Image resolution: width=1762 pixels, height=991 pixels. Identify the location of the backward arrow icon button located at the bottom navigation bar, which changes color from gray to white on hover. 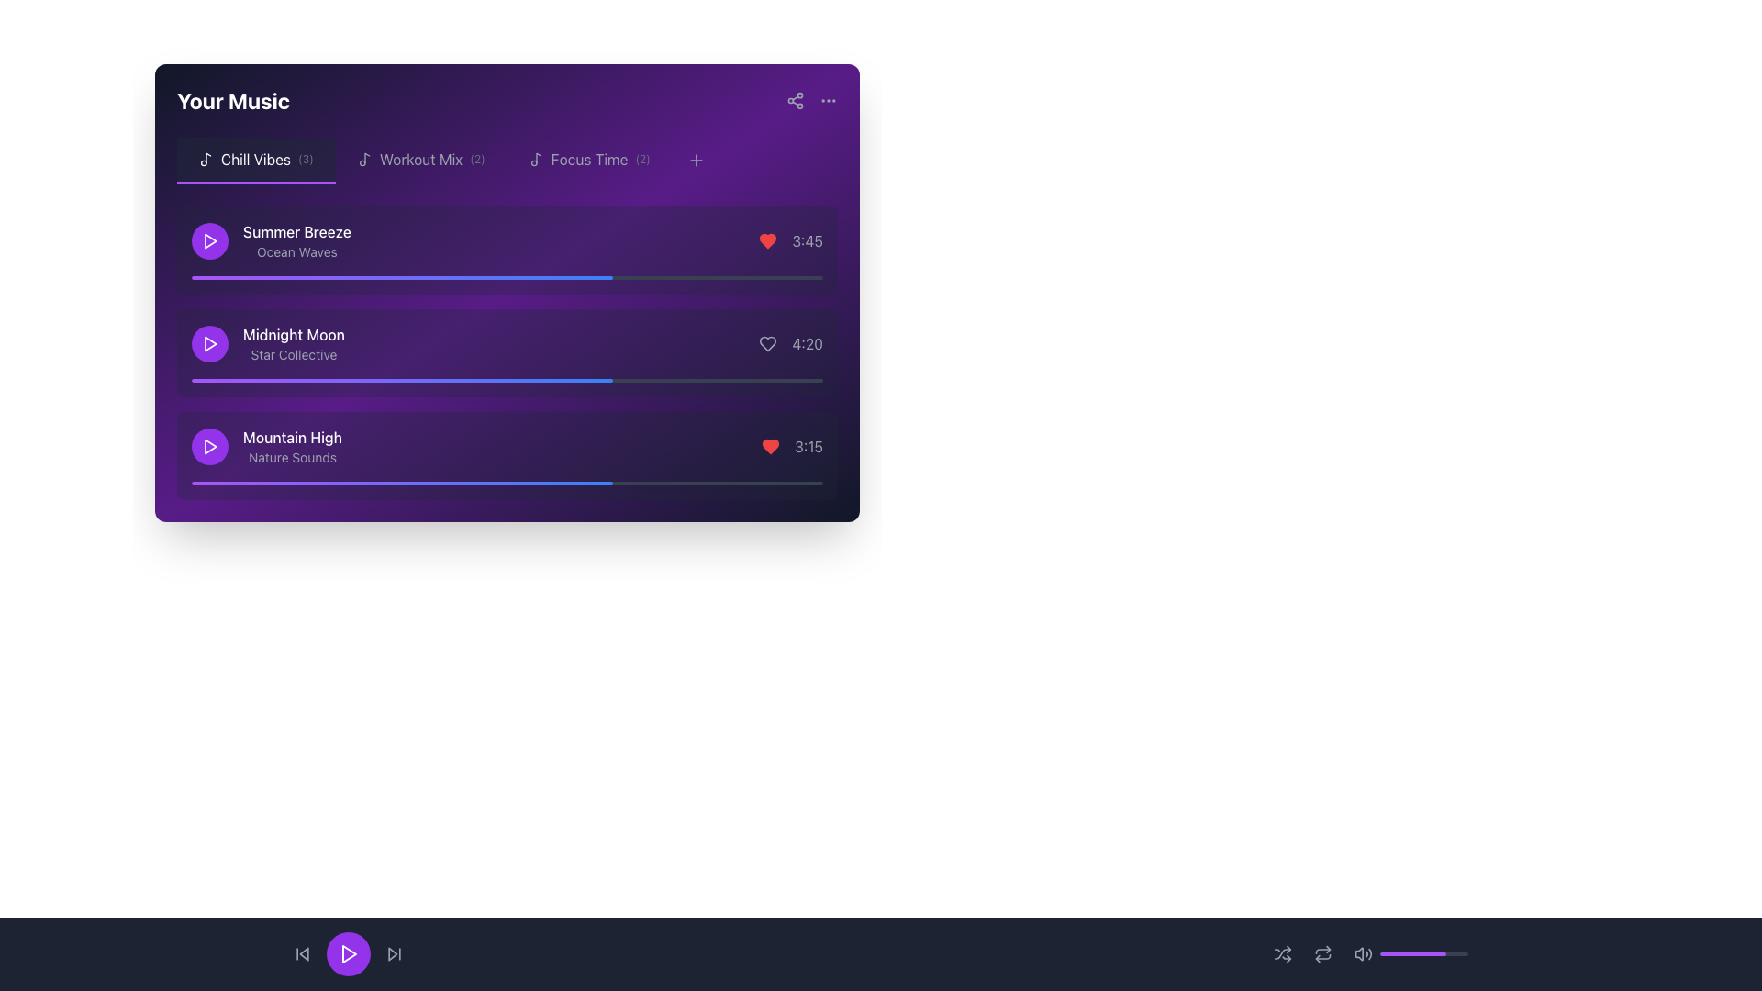
(303, 953).